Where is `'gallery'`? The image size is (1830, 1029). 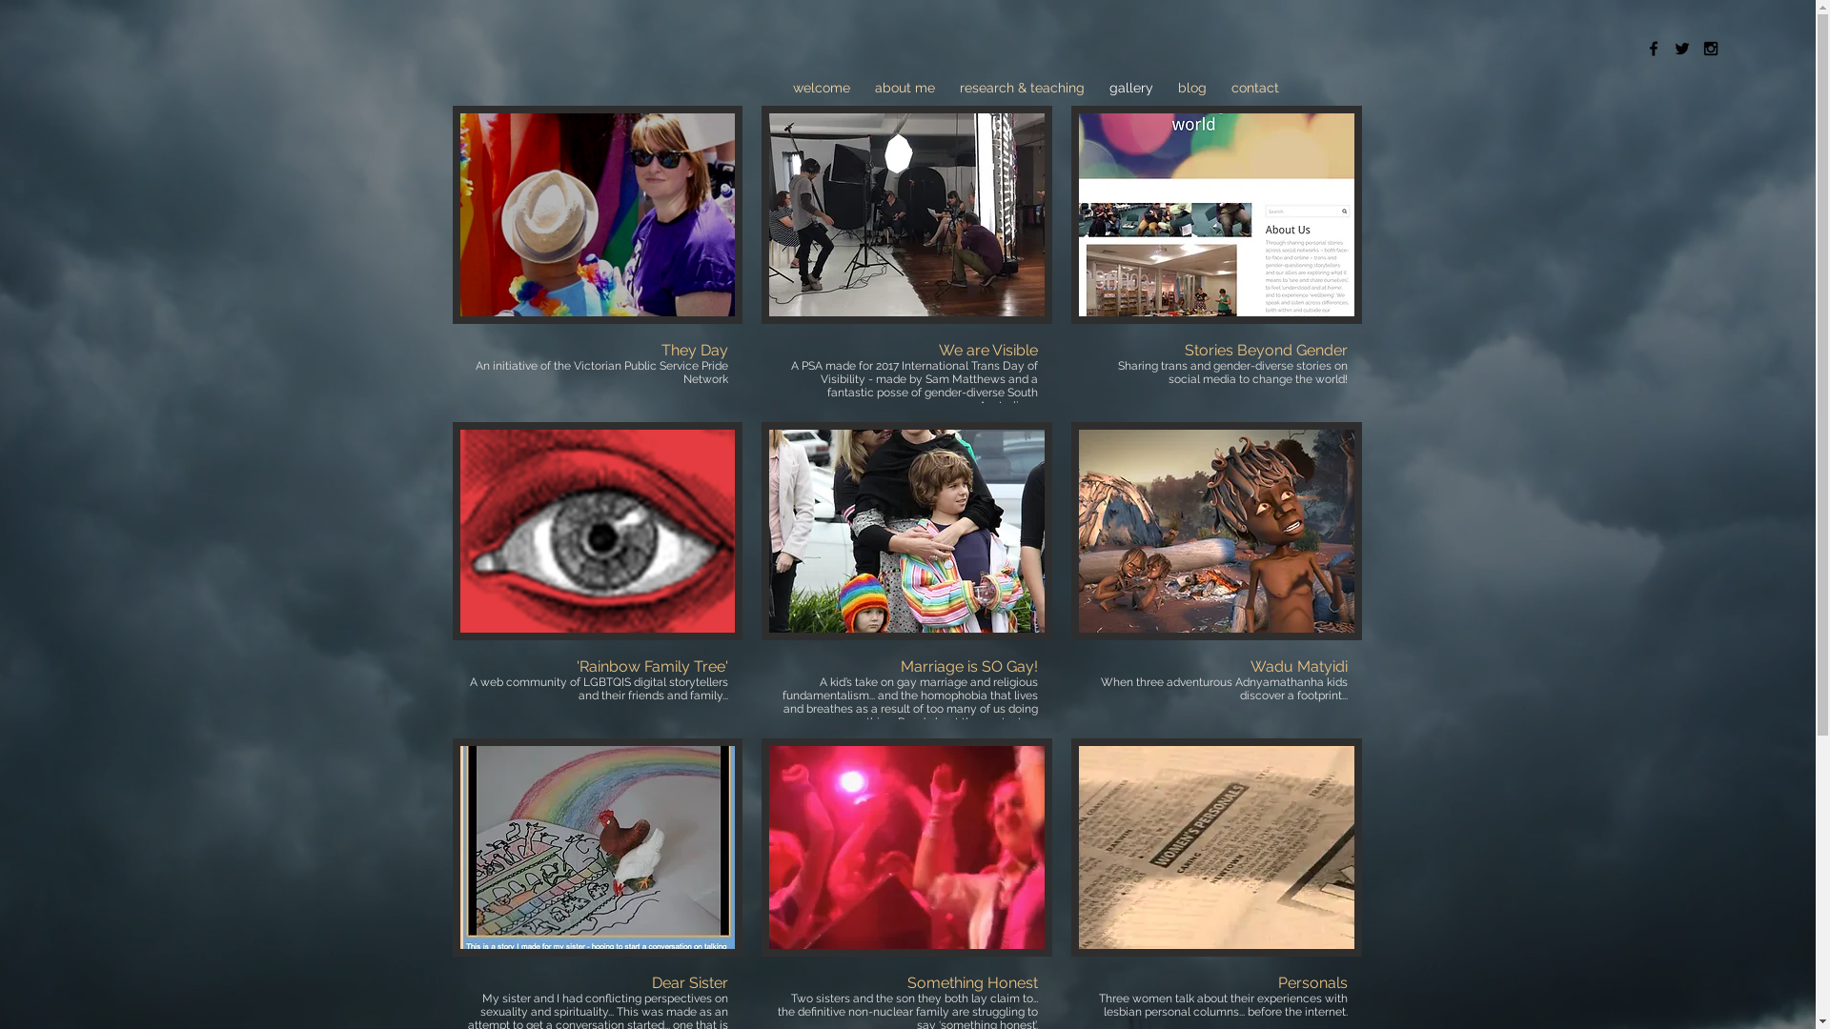 'gallery' is located at coordinates (1129, 88).